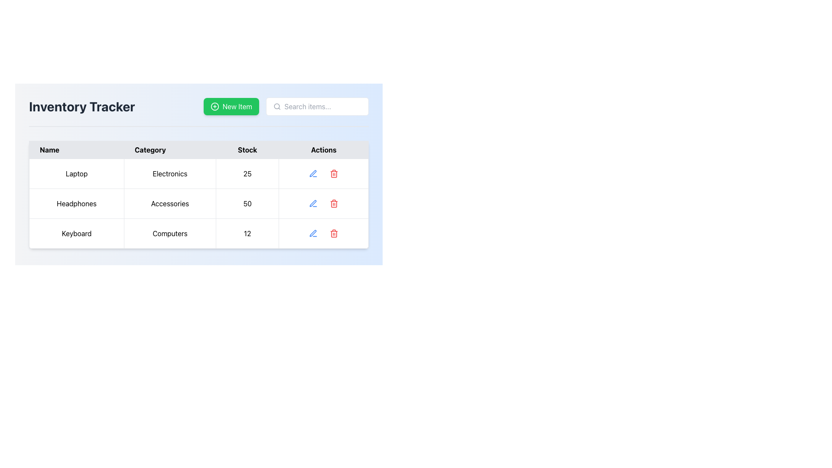  What do you see at coordinates (334, 174) in the screenshot?
I see `the delete icon located in the 'Actions' column of the first row in the table` at bounding box center [334, 174].